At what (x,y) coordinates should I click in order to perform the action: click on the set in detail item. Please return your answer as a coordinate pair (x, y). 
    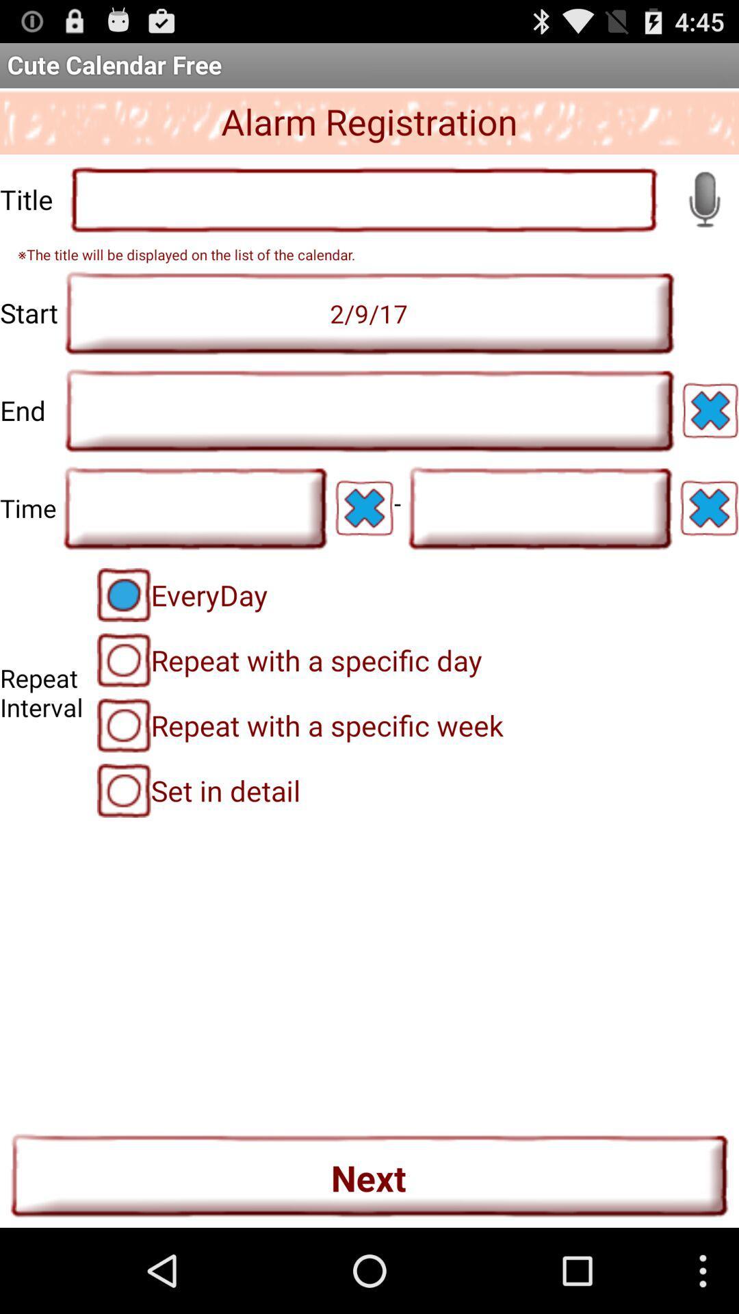
    Looking at the image, I should click on (198, 790).